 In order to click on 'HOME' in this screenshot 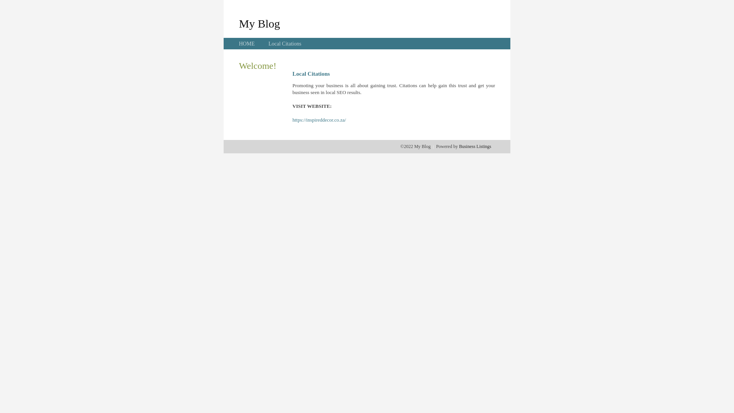, I will do `click(247, 44)`.